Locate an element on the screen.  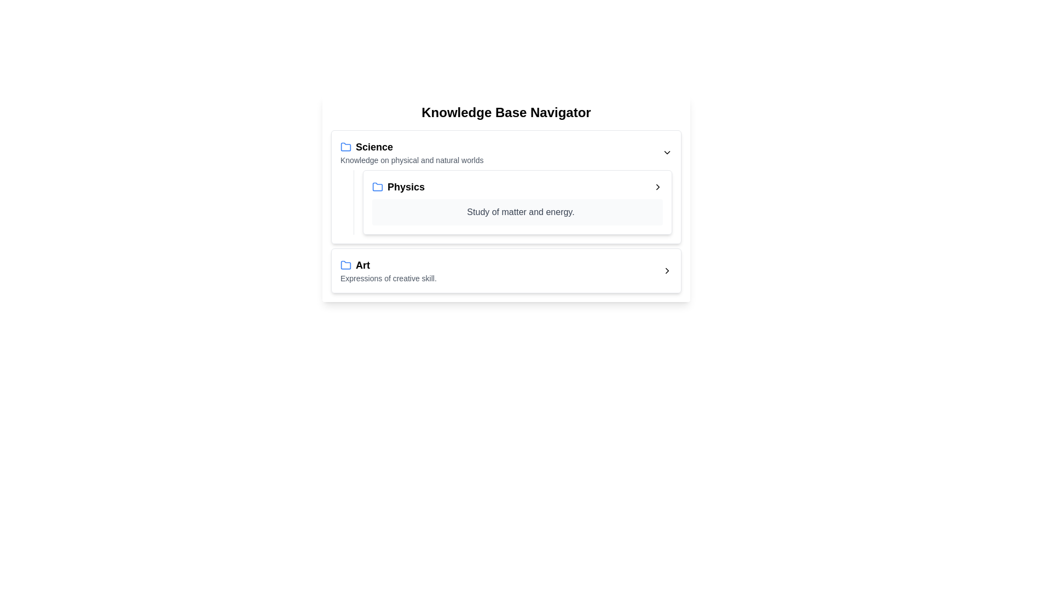
the selectable list item for 'Physics' located centrally under the 'Science' category in the Knowledge Base Navigator is located at coordinates (517, 187).